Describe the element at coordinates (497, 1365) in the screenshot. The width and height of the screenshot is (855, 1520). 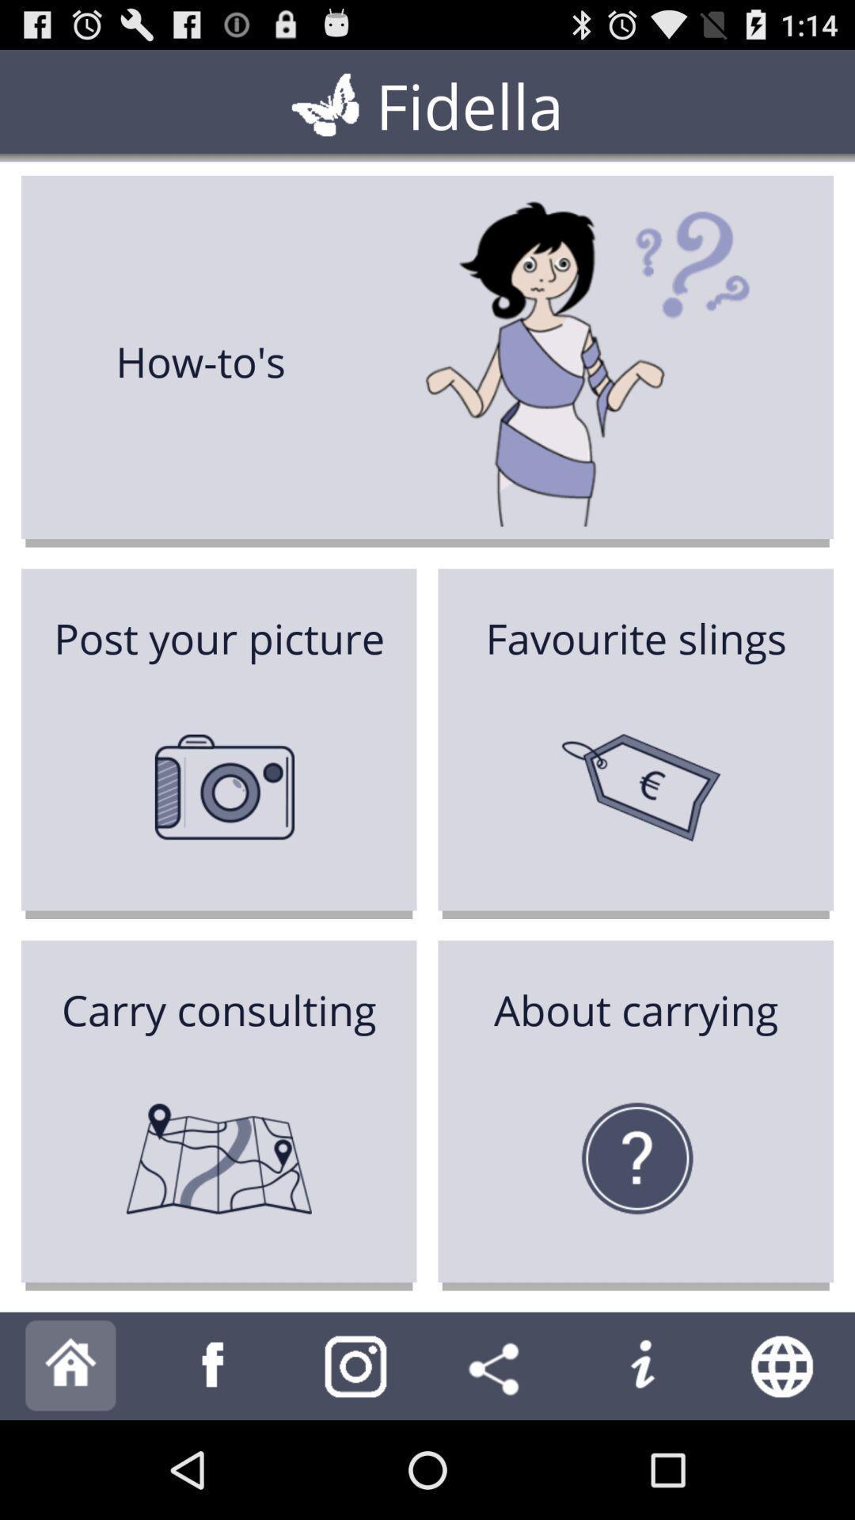
I see `share in other social media` at that location.